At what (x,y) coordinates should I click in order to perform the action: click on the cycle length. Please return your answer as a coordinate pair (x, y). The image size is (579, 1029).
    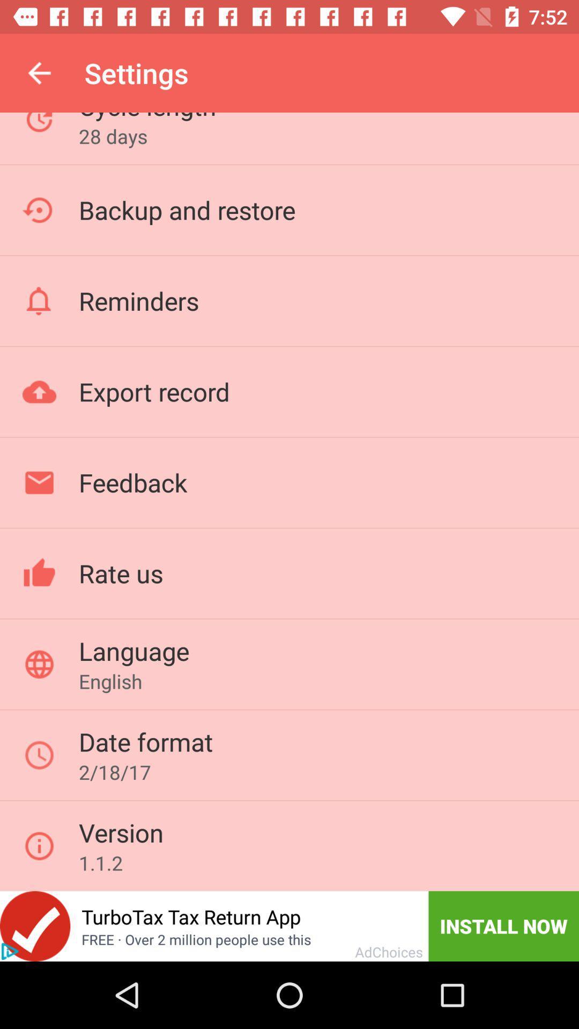
    Looking at the image, I should click on (147, 117).